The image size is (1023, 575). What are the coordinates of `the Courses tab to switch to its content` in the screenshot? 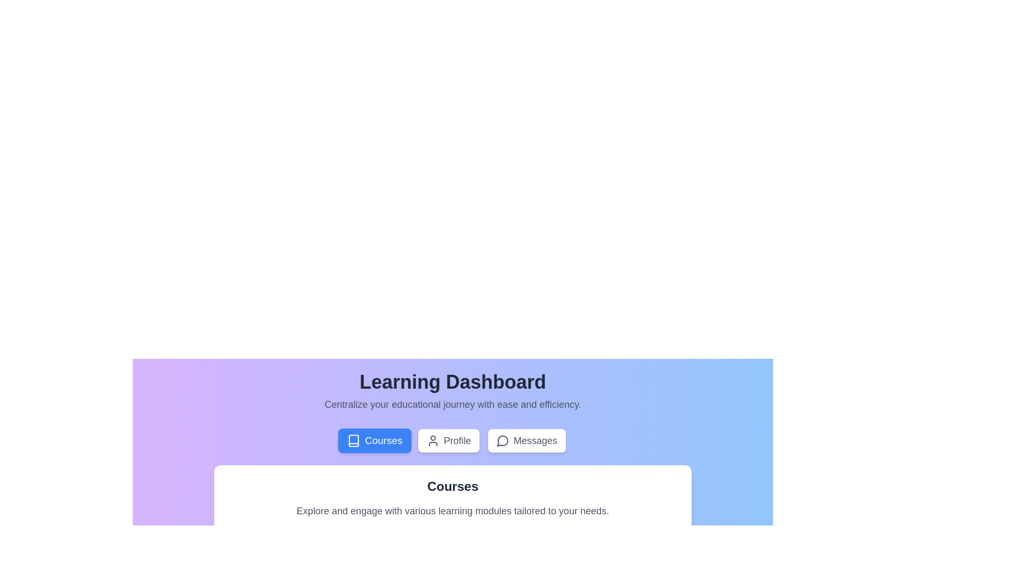 It's located at (375, 441).